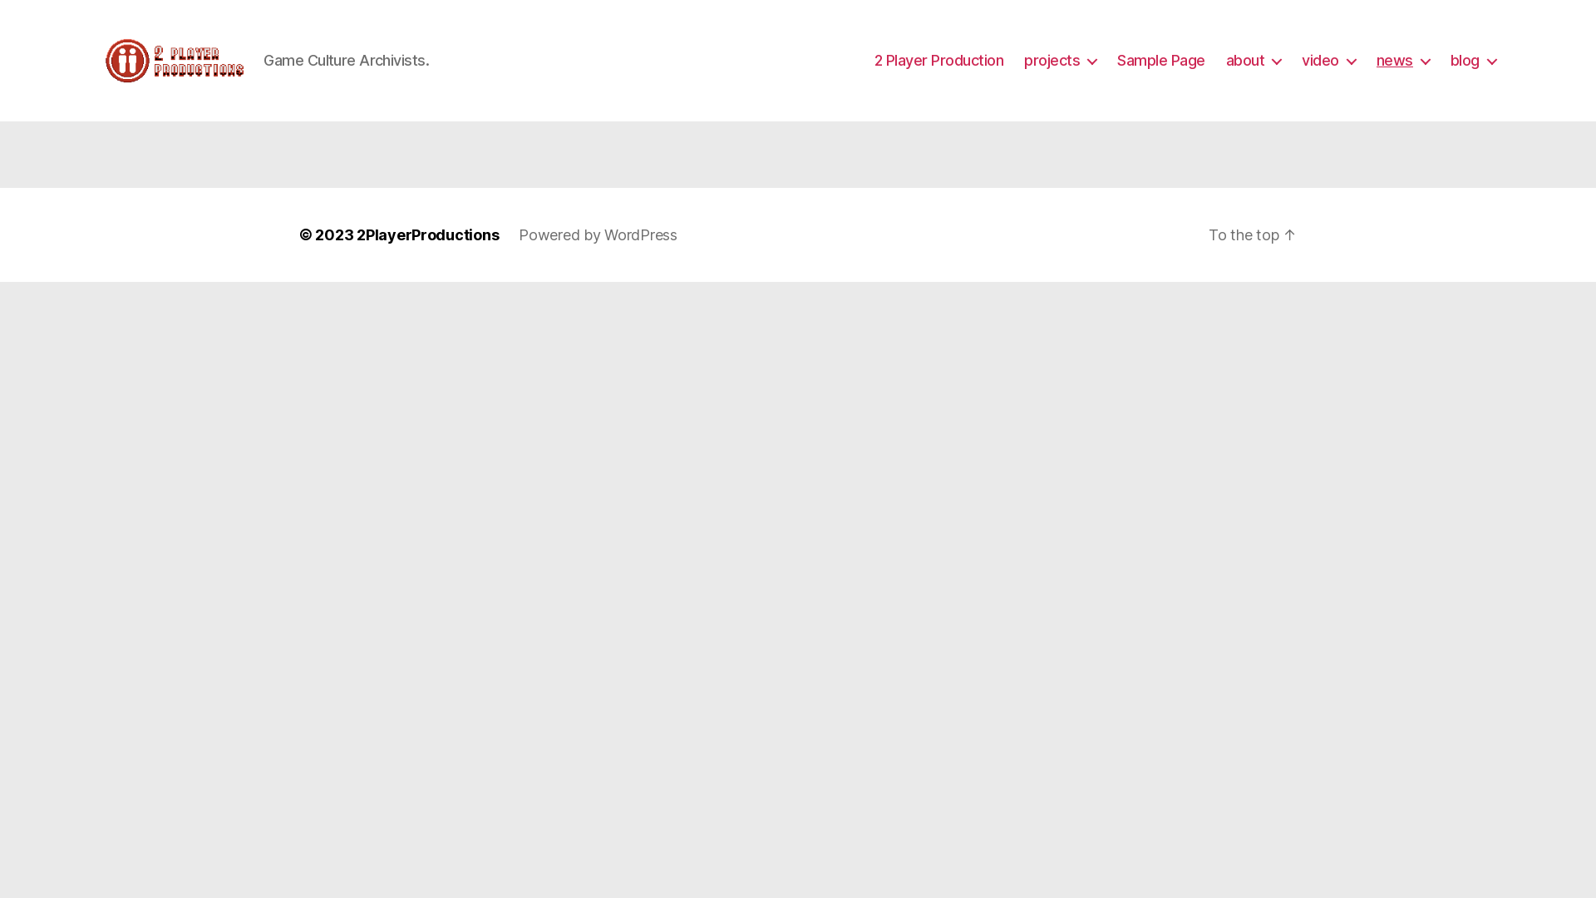 The image size is (1596, 898). Describe the element at coordinates (1254, 60) in the screenshot. I see `'about'` at that location.